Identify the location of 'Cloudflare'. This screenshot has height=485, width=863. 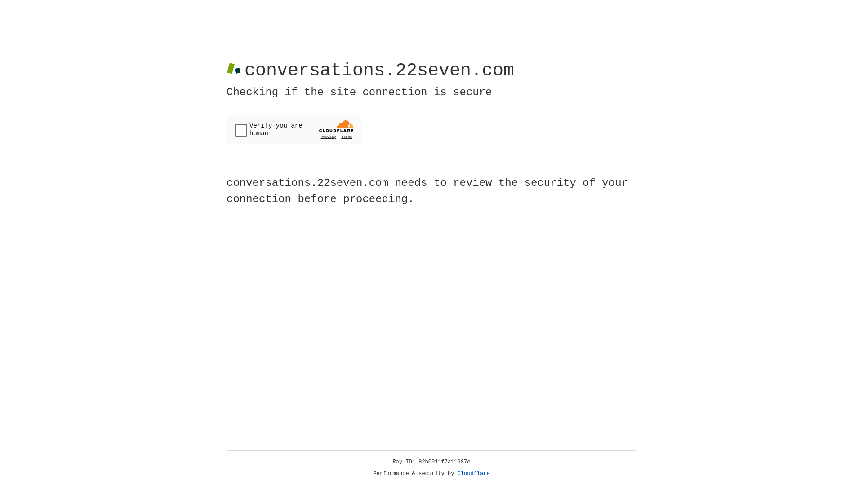
(473, 473).